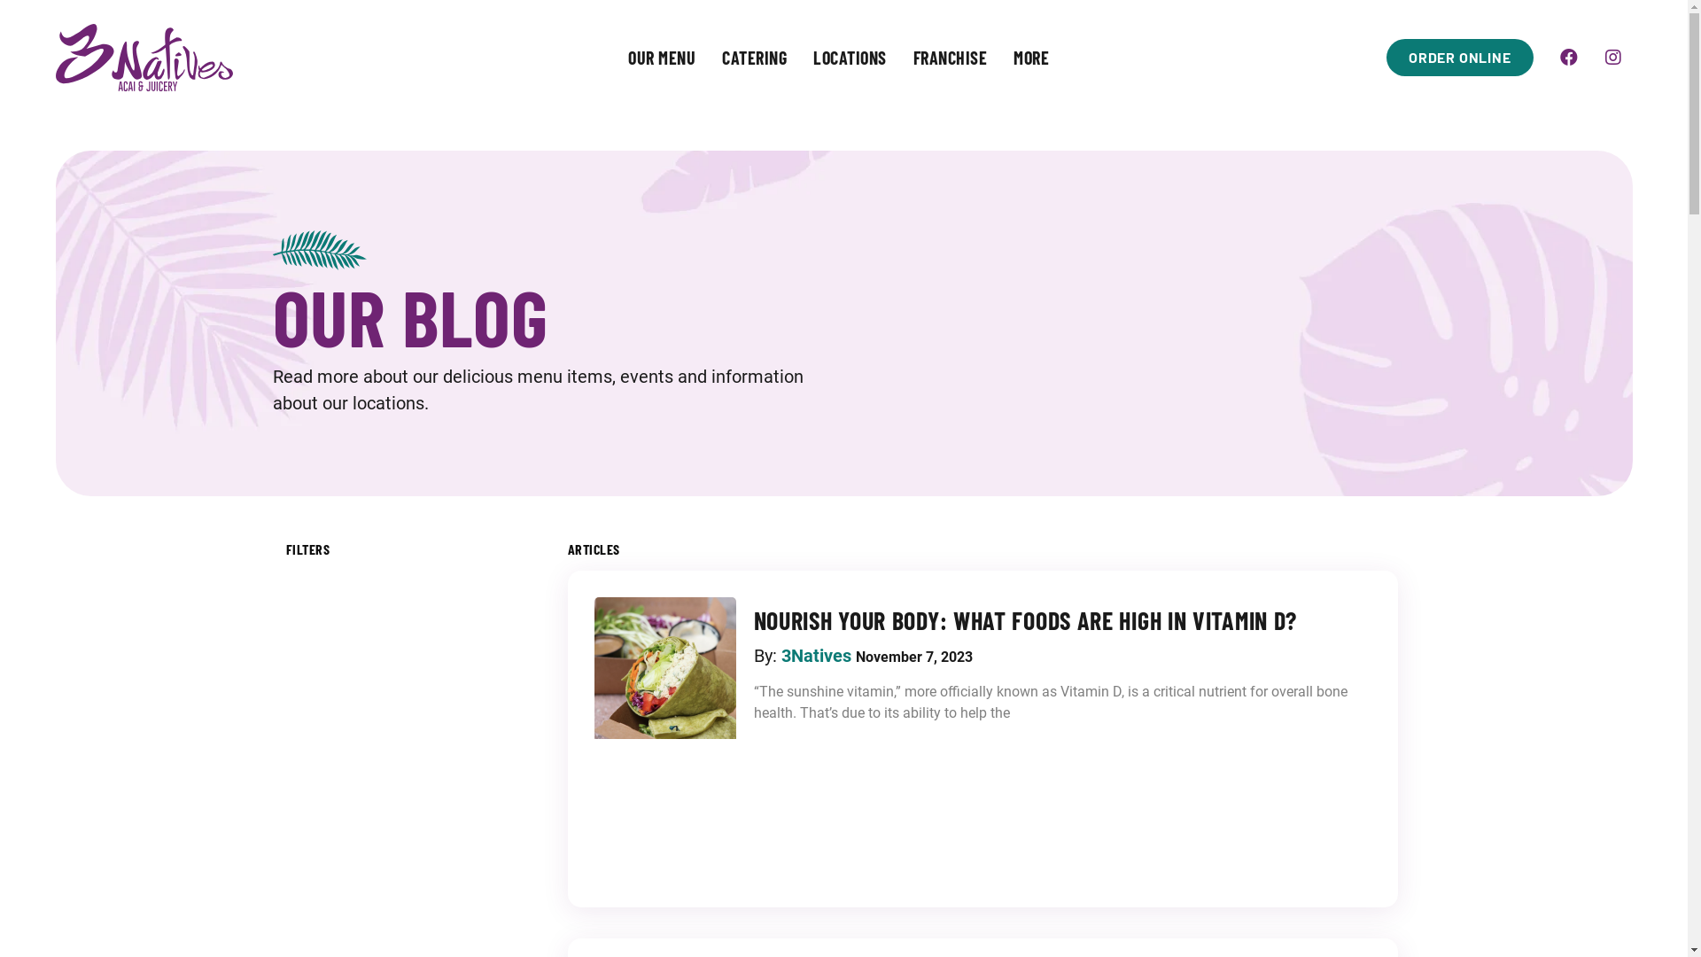  What do you see at coordinates (849, 57) in the screenshot?
I see `'LOCATIONS'` at bounding box center [849, 57].